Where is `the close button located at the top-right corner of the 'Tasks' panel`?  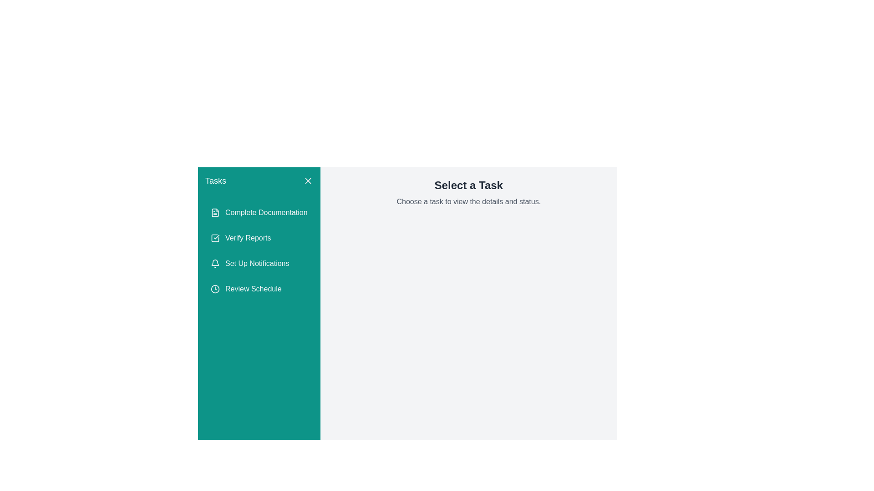 the close button located at the top-right corner of the 'Tasks' panel is located at coordinates (308, 180).